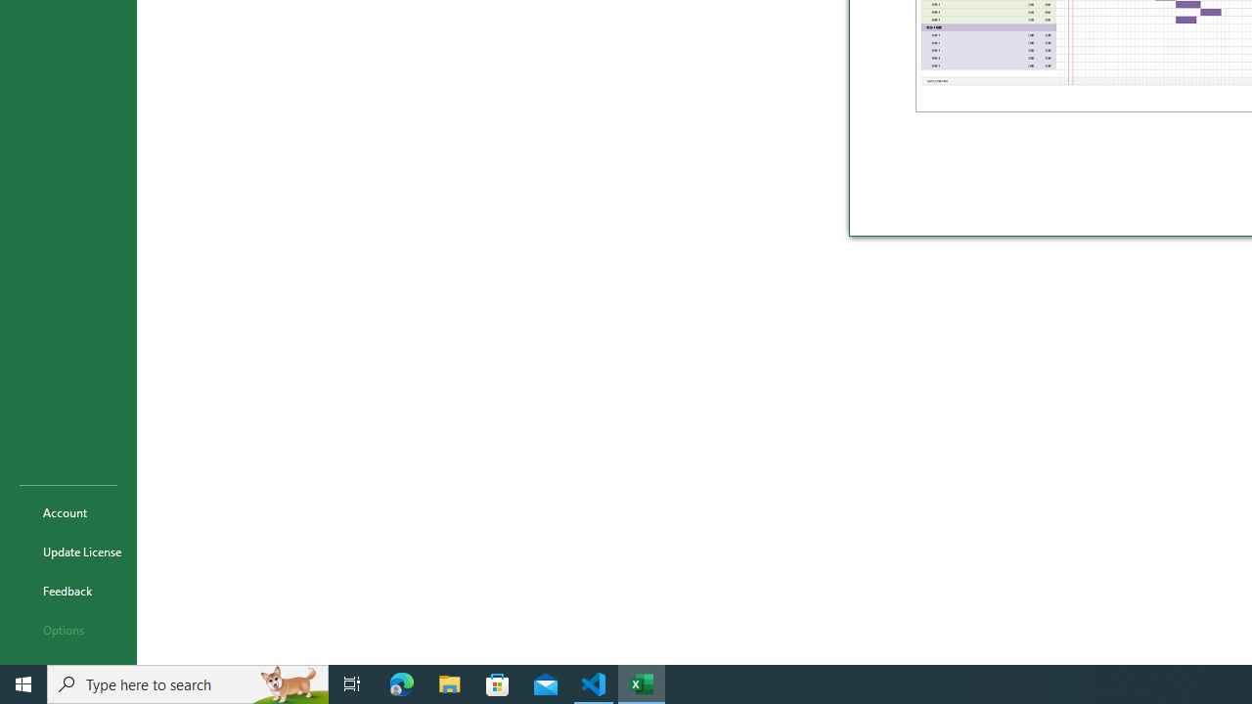 Image resolution: width=1252 pixels, height=704 pixels. Describe the element at coordinates (401, 682) in the screenshot. I see `'Microsoft Edge'` at that location.